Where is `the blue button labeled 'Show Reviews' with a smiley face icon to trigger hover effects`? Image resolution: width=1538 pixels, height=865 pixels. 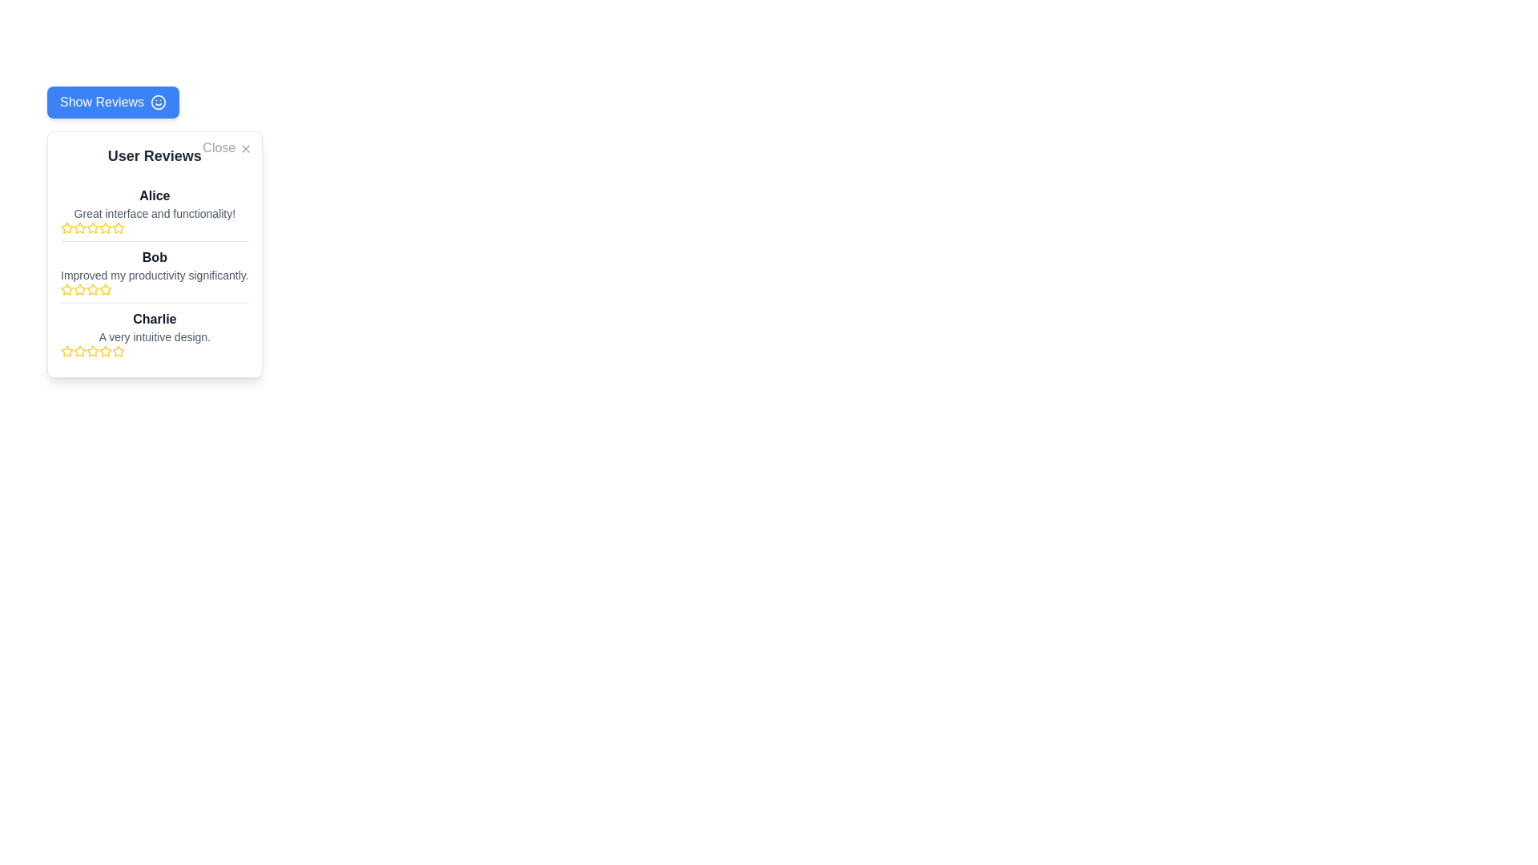 the blue button labeled 'Show Reviews' with a smiley face icon to trigger hover effects is located at coordinates (112, 102).